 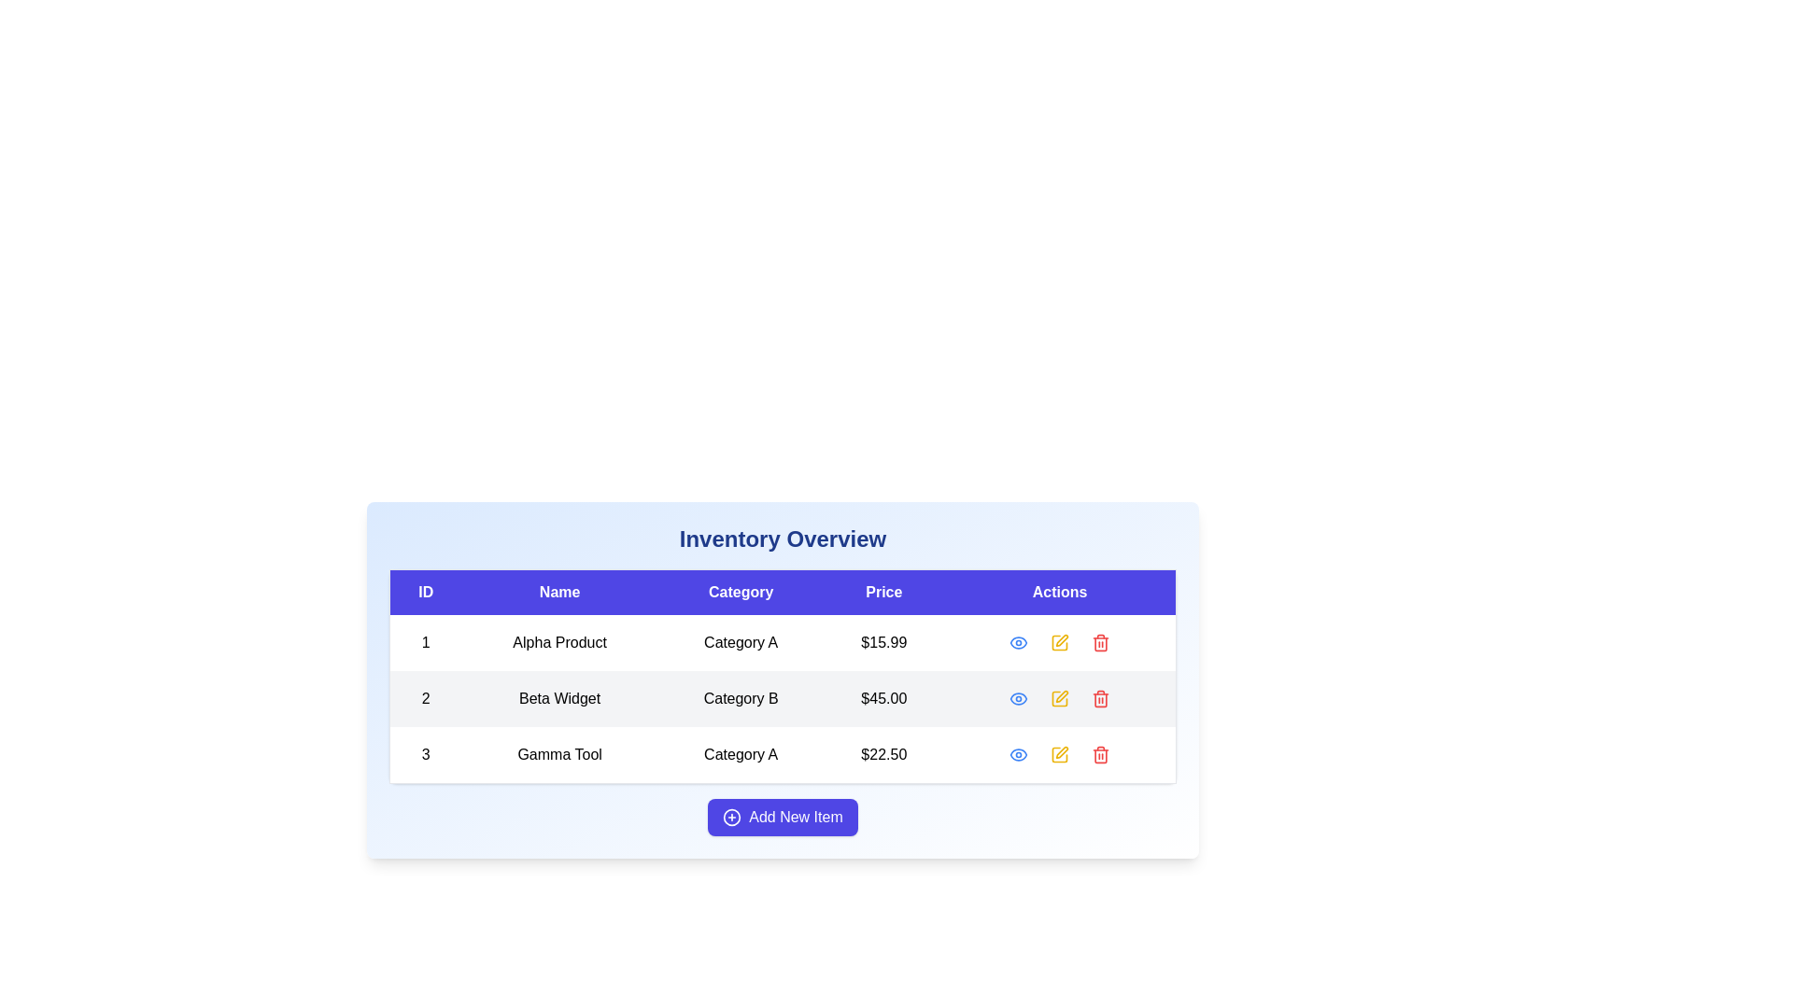 What do you see at coordinates (1101, 754) in the screenshot?
I see `the delete button (icon-based) in the 'Actions' column of the table for the third item, 'Gamma Tool', to initiate the delete action` at bounding box center [1101, 754].